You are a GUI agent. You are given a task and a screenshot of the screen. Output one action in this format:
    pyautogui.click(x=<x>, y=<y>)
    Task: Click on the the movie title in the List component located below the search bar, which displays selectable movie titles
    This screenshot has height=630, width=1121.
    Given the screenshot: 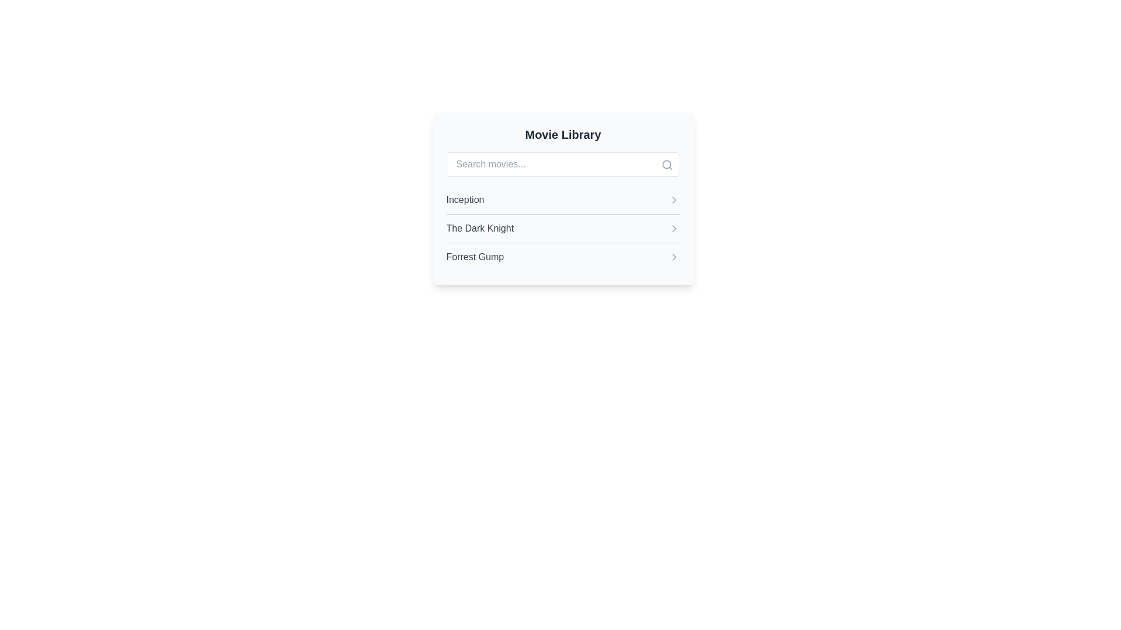 What is the action you would take?
    pyautogui.click(x=563, y=229)
    